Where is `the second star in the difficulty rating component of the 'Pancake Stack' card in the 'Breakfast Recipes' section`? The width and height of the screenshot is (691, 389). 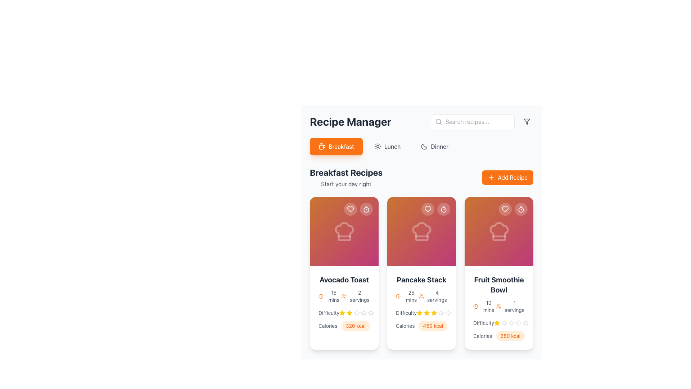 the second star in the difficulty rating component of the 'Pancake Stack' card in the 'Breakfast Recipes' section is located at coordinates (426, 312).